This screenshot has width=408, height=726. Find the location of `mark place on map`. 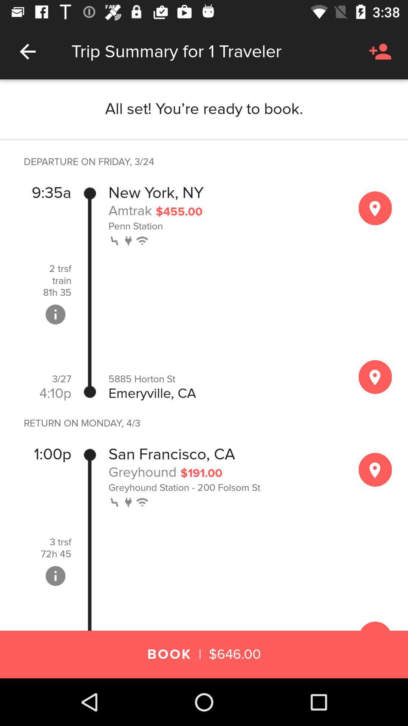

mark place on map is located at coordinates (375, 469).